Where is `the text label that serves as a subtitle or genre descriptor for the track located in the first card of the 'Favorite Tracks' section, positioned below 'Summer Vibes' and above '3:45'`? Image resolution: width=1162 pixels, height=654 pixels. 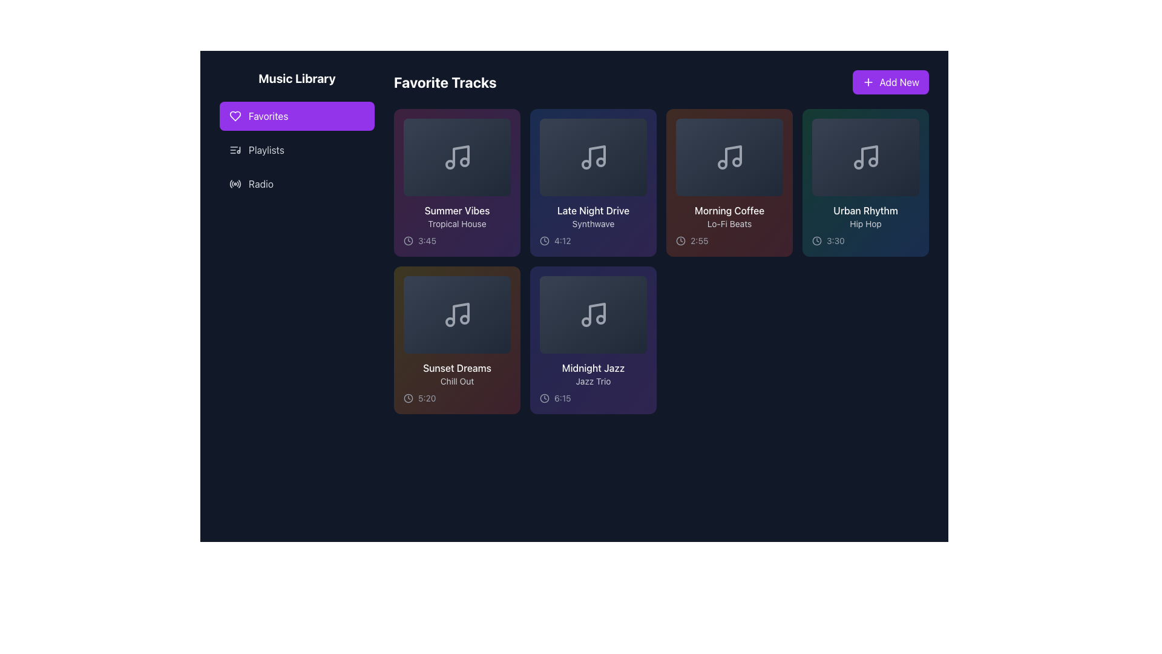 the text label that serves as a subtitle or genre descriptor for the track located in the first card of the 'Favorite Tracks' section, positioned below 'Summer Vibes' and above '3:45' is located at coordinates (456, 224).